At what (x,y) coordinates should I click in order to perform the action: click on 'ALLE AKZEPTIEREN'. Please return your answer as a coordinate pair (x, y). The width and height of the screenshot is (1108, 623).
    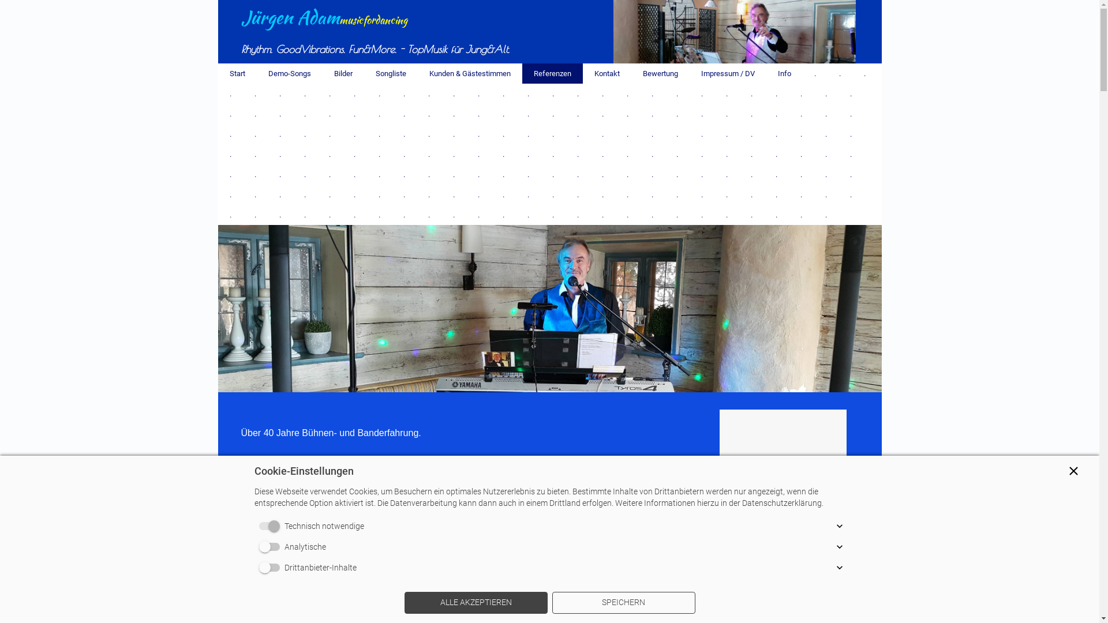
    Looking at the image, I should click on (476, 602).